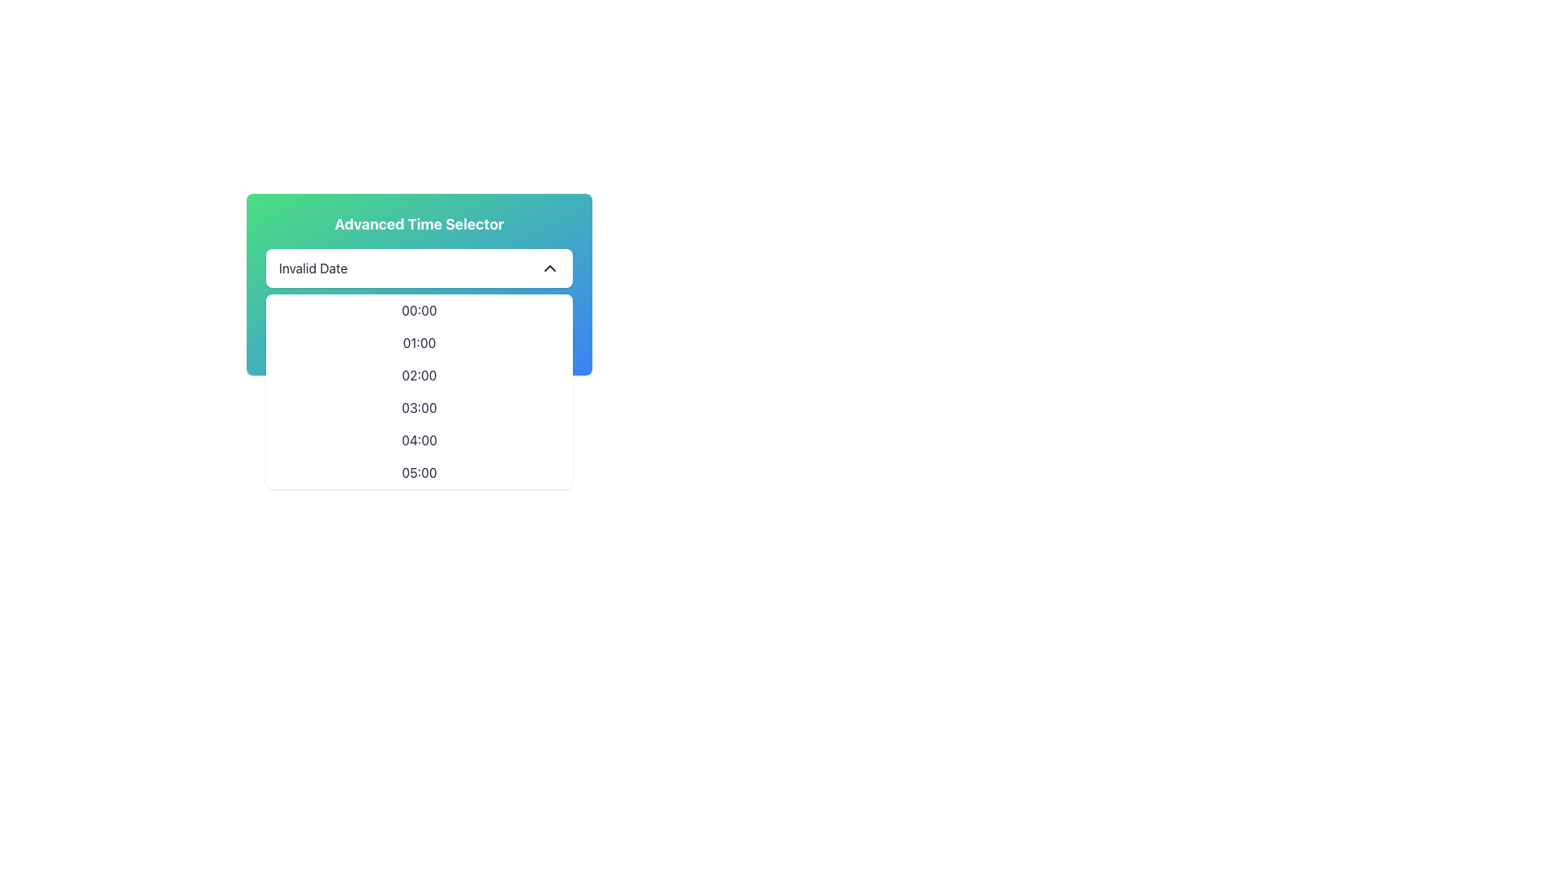  I want to click on the 'Invalid Date' text label, which is displayed in dark gray on a white background within a dropdown menu component, so click(313, 268).